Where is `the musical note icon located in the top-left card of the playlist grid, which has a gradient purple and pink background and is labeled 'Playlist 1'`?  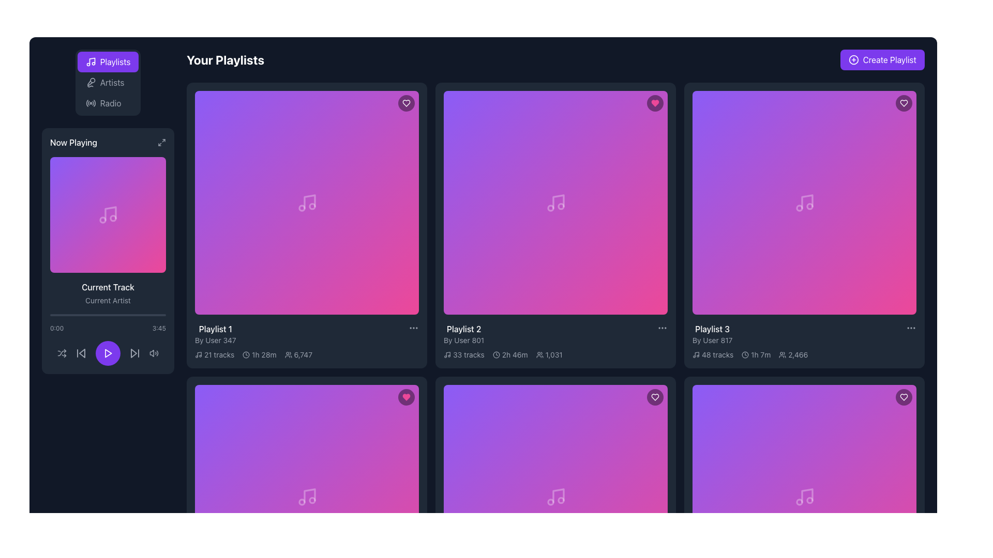
the musical note icon located in the top-left card of the playlist grid, which has a gradient purple and pink background and is labeled 'Playlist 1' is located at coordinates (306, 203).